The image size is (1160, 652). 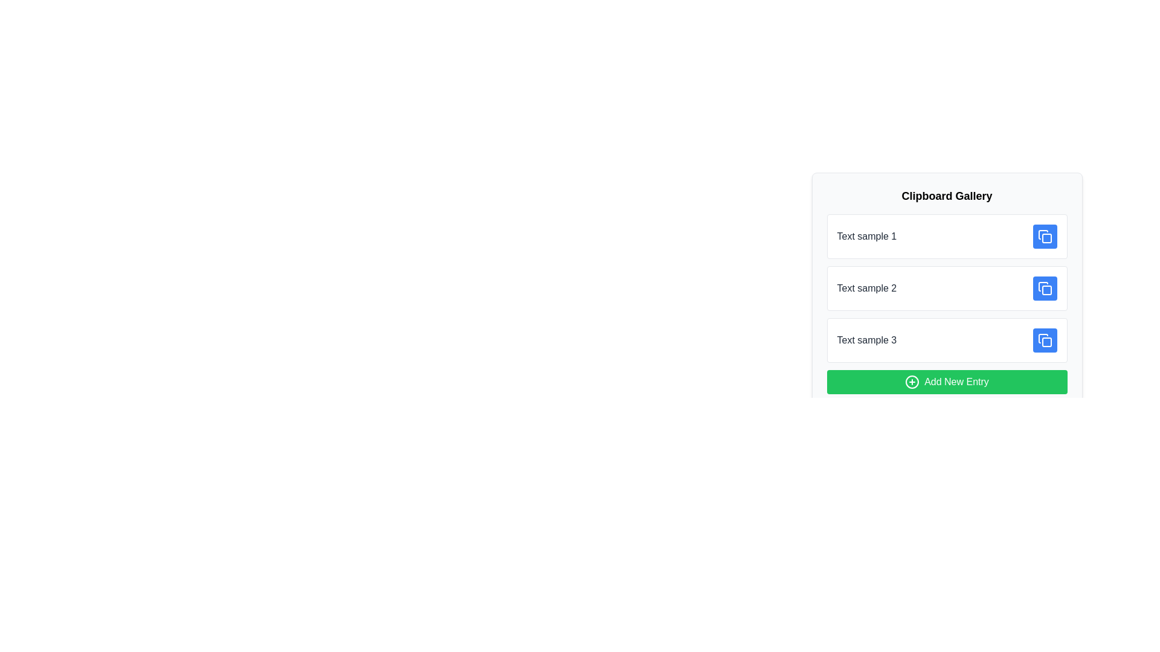 I want to click on the green 'Add New Entry' button located at the bottom of the 'Clipboard Gallery' panel, so click(x=946, y=382).